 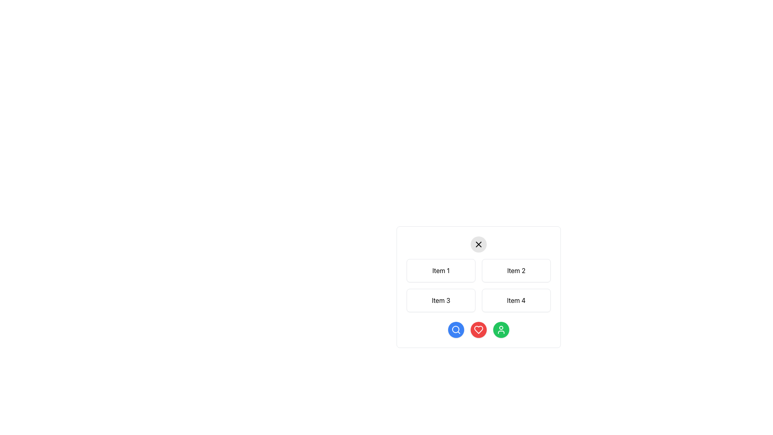 I want to click on the circular red button featuring a white heart icon, so click(x=479, y=329).